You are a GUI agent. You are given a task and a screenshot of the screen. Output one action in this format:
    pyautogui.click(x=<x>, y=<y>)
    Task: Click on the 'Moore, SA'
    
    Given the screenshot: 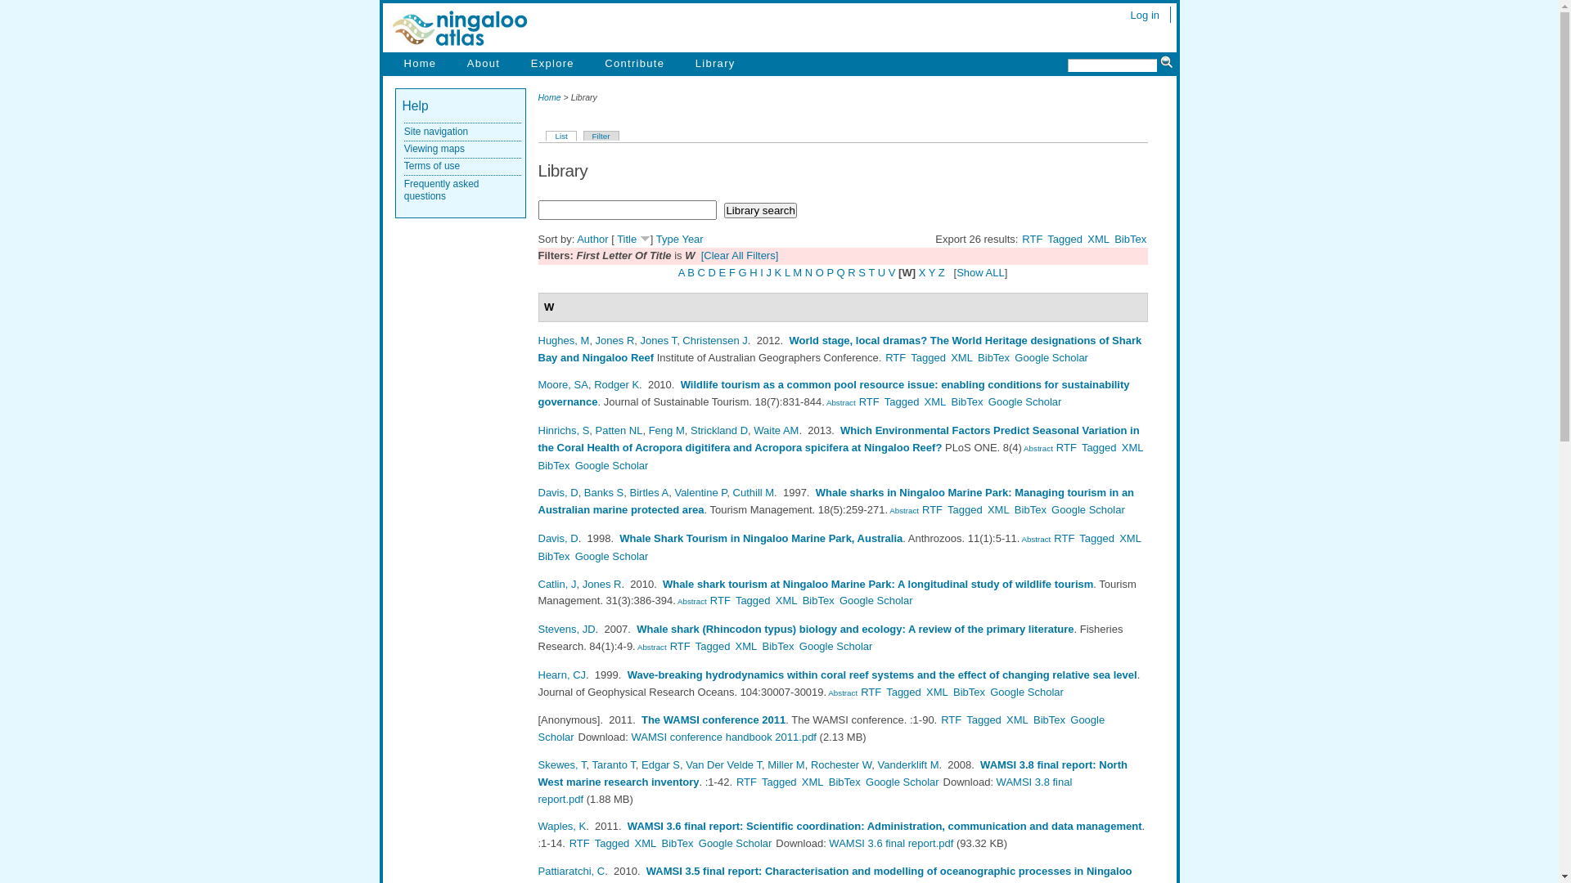 What is the action you would take?
    pyautogui.click(x=538, y=384)
    